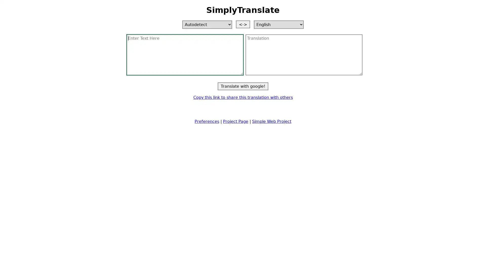 The width and height of the screenshot is (486, 273). What do you see at coordinates (243, 24) in the screenshot?
I see `Switch languages` at bounding box center [243, 24].